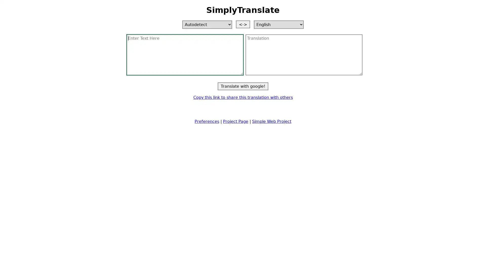 The width and height of the screenshot is (486, 273). What do you see at coordinates (243, 24) in the screenshot?
I see `Switch languages` at bounding box center [243, 24].